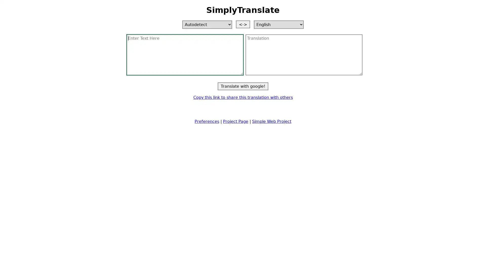 The width and height of the screenshot is (486, 273). What do you see at coordinates (243, 24) in the screenshot?
I see `Switch languages` at bounding box center [243, 24].